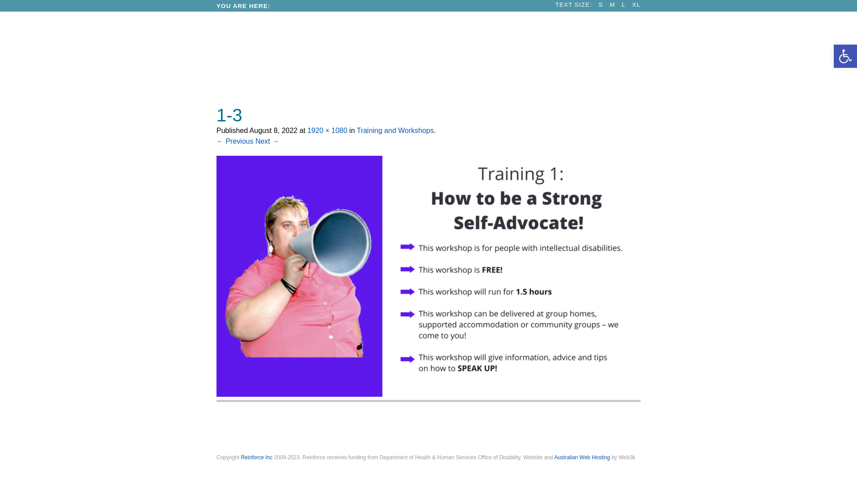  I want to click on 'Find Reinforce', so click(496, 430).